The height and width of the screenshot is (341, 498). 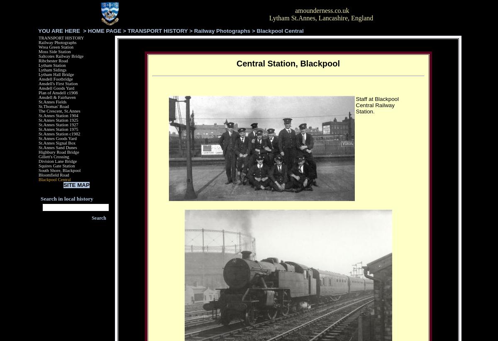 I want to click on 'Squires Gate Station', so click(x=39, y=165).